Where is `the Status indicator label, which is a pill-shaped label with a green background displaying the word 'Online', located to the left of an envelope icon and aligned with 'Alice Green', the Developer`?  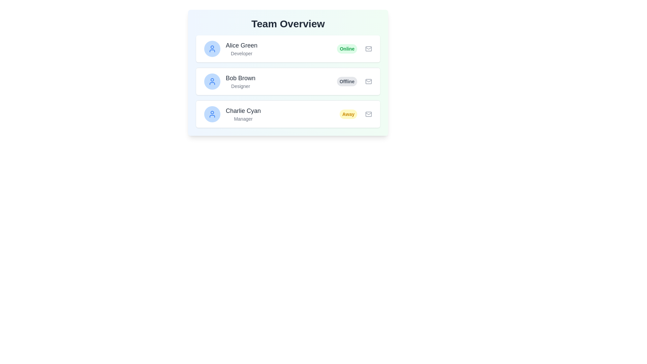 the Status indicator label, which is a pill-shaped label with a green background displaying the word 'Online', located to the left of an envelope icon and aligned with 'Alice Green', the Developer is located at coordinates (347, 49).